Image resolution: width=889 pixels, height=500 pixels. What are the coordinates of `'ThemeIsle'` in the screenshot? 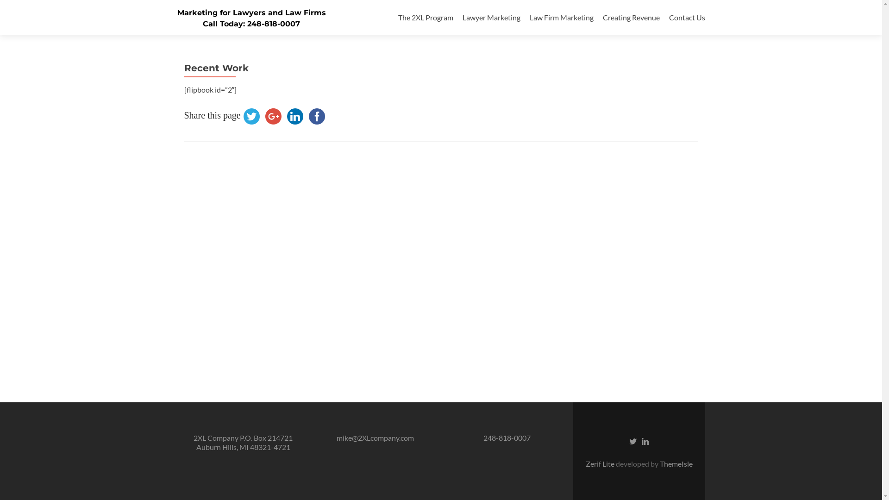 It's located at (676, 463).